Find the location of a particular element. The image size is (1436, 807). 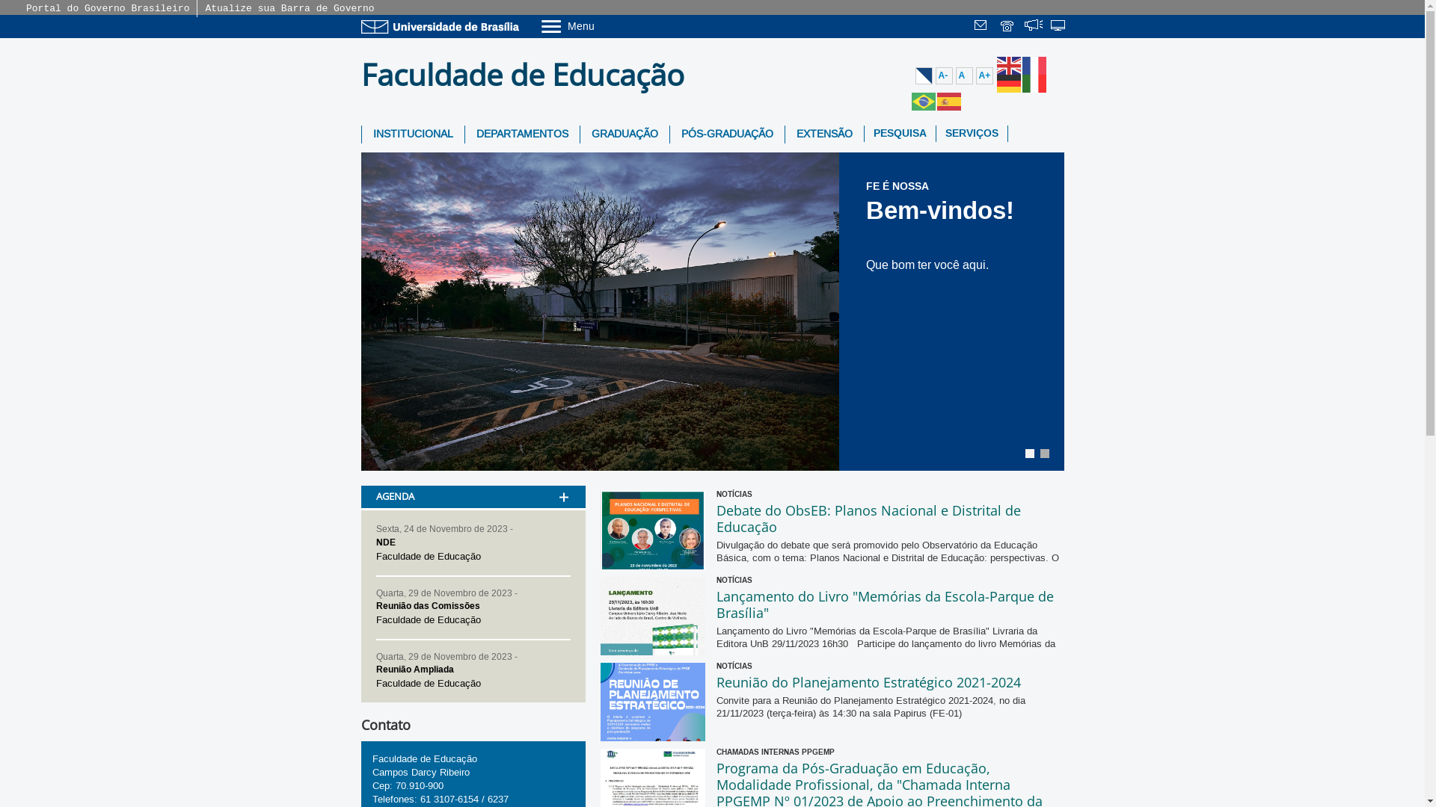

'Atualize sua Barra de Governo' is located at coordinates (289, 8).